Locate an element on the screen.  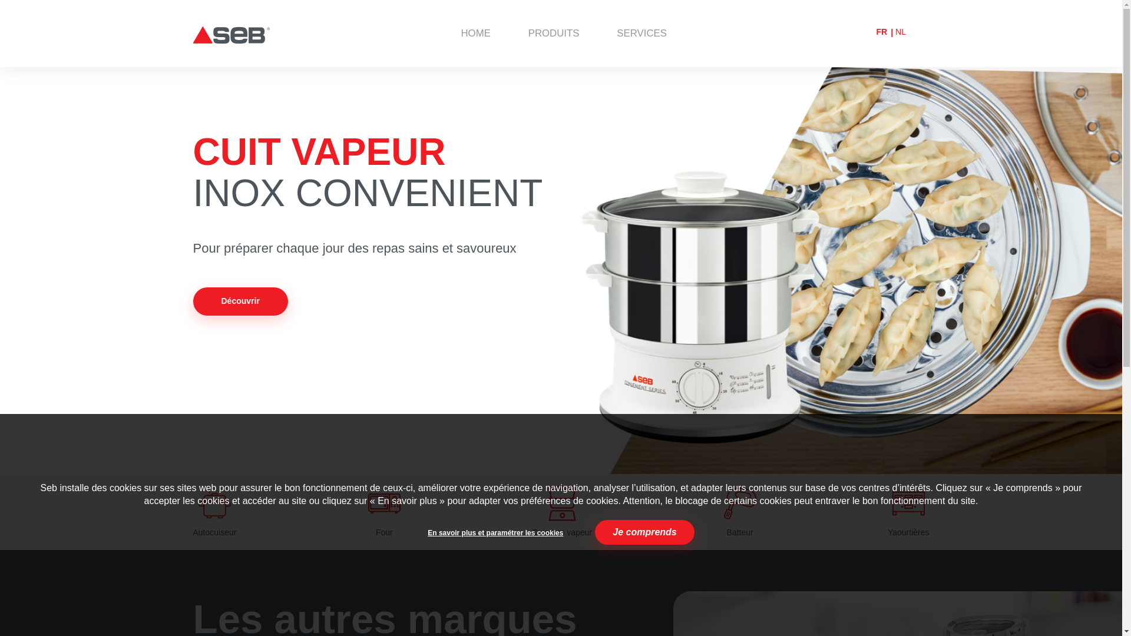
'NL' is located at coordinates (900, 31).